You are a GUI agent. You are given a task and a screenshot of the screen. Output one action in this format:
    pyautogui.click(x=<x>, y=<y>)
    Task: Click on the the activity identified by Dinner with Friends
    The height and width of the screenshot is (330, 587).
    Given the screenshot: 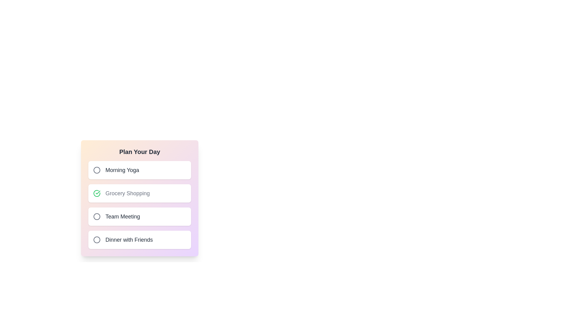 What is the action you would take?
    pyautogui.click(x=96, y=240)
    